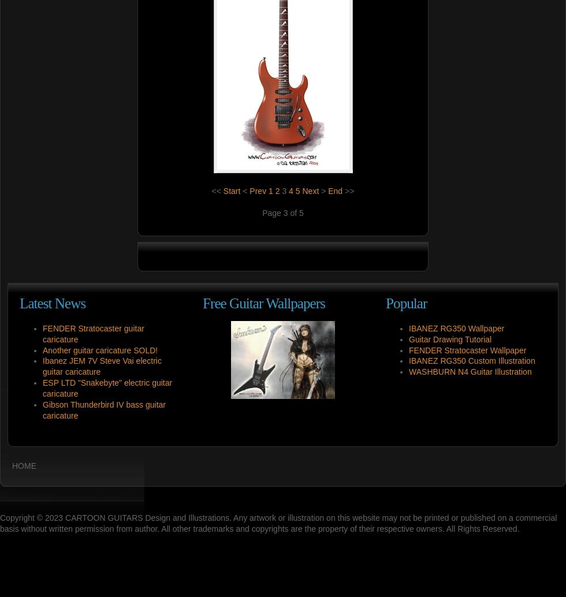 The height and width of the screenshot is (597, 566). Describe the element at coordinates (100, 350) in the screenshot. I see `'Another guitar caricature SOLD!'` at that location.